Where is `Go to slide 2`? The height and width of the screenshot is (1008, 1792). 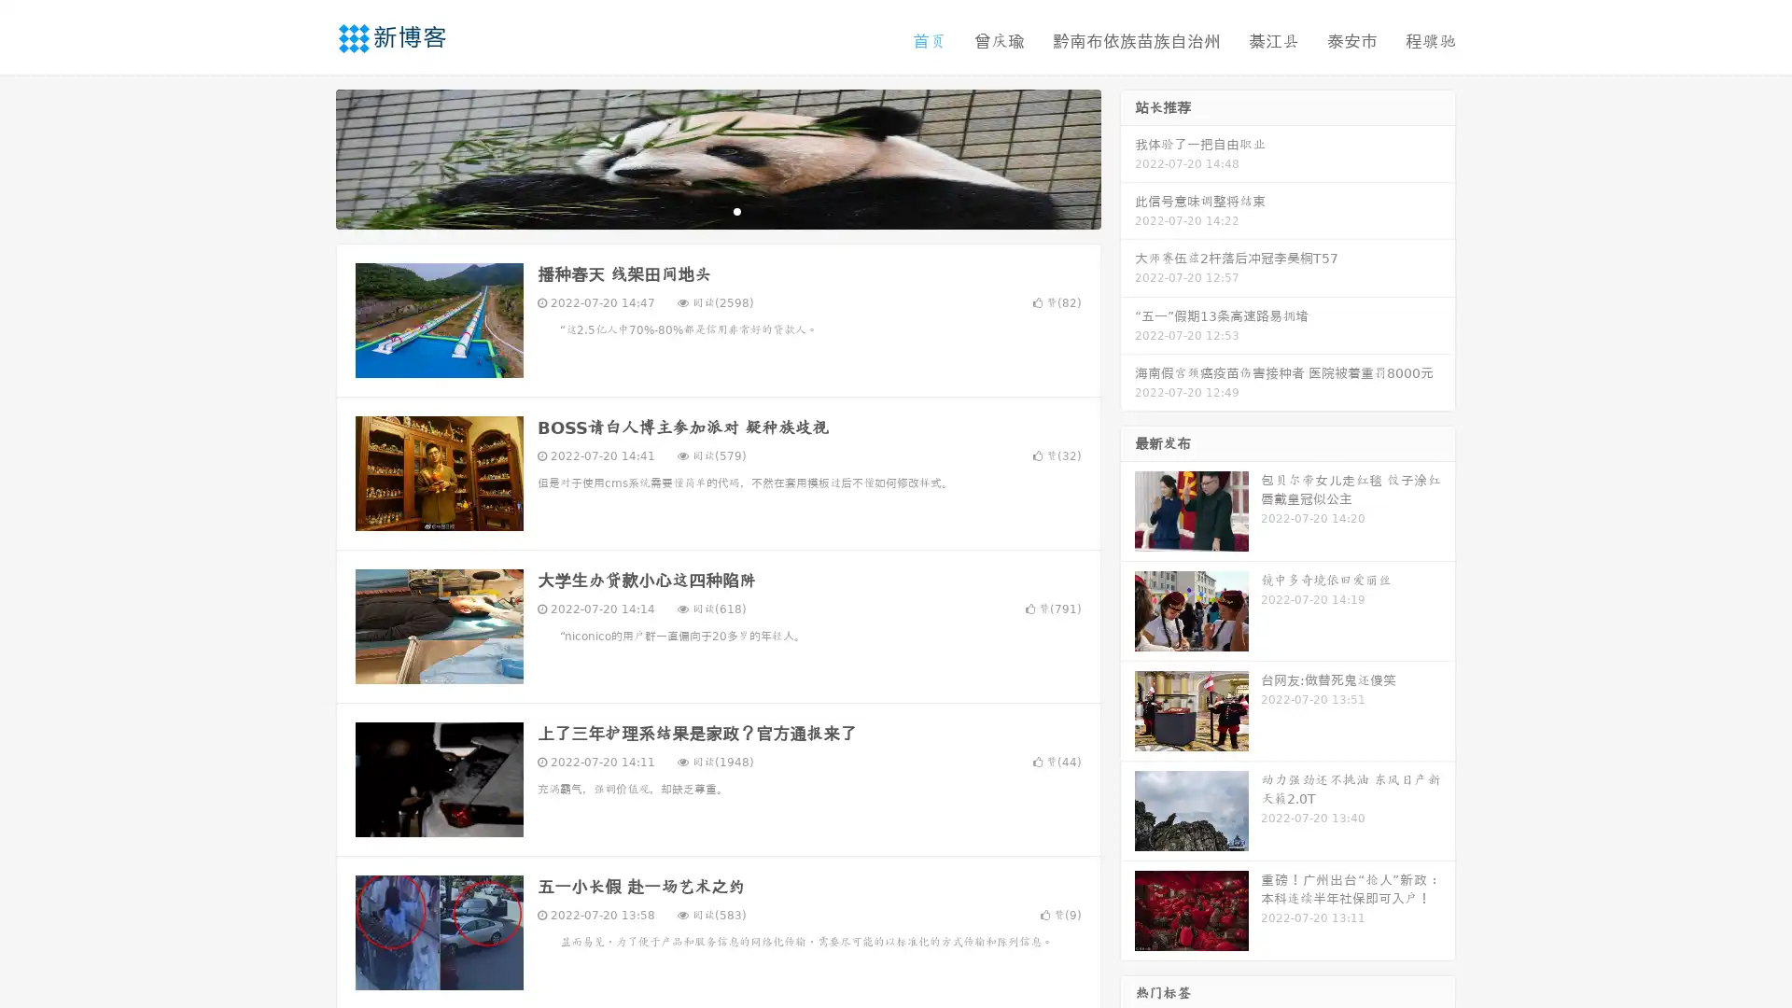
Go to slide 2 is located at coordinates (717, 210).